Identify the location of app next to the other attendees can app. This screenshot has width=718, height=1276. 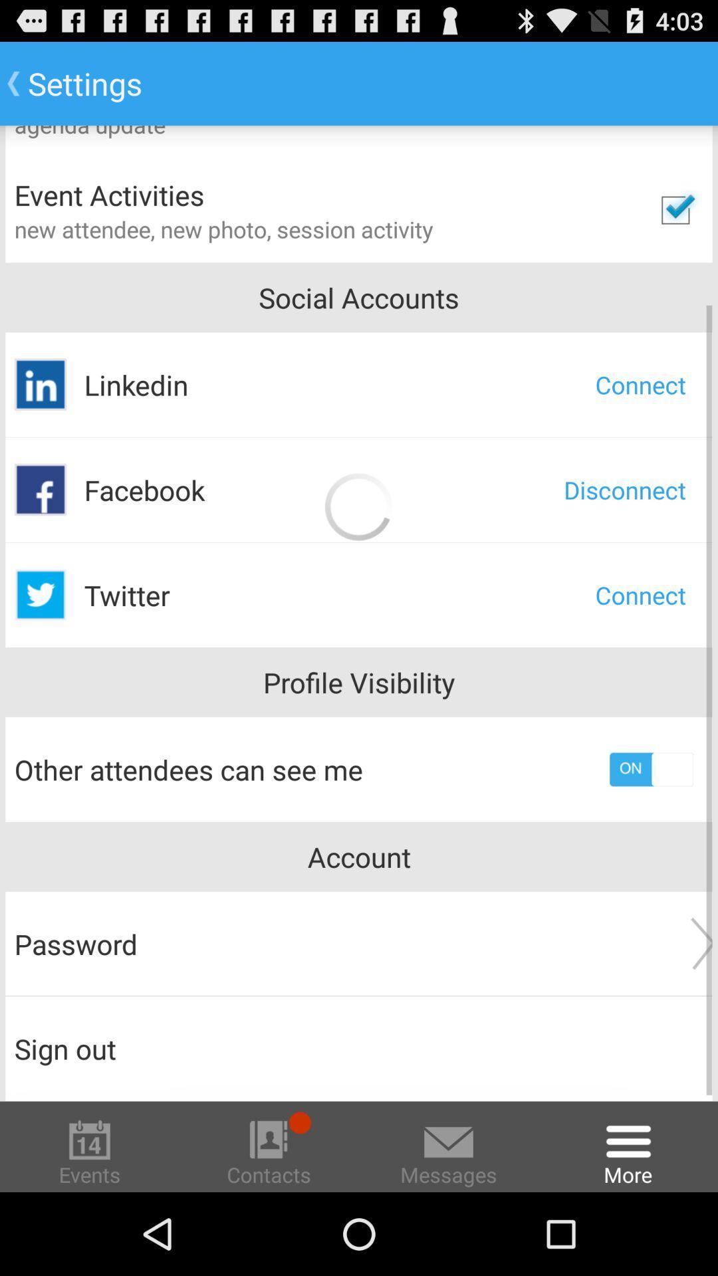
(650, 769).